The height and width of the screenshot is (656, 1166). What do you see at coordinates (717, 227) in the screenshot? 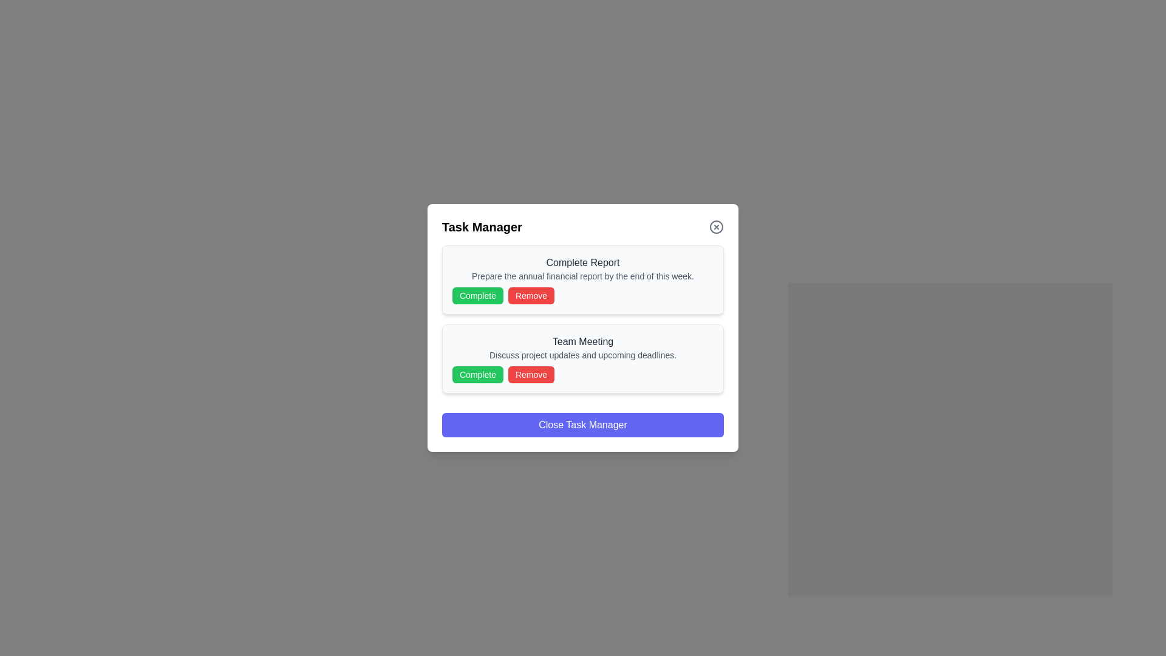
I see `the close button with an 'X' icon in the top-right corner of the 'Task Manager' modal` at bounding box center [717, 227].